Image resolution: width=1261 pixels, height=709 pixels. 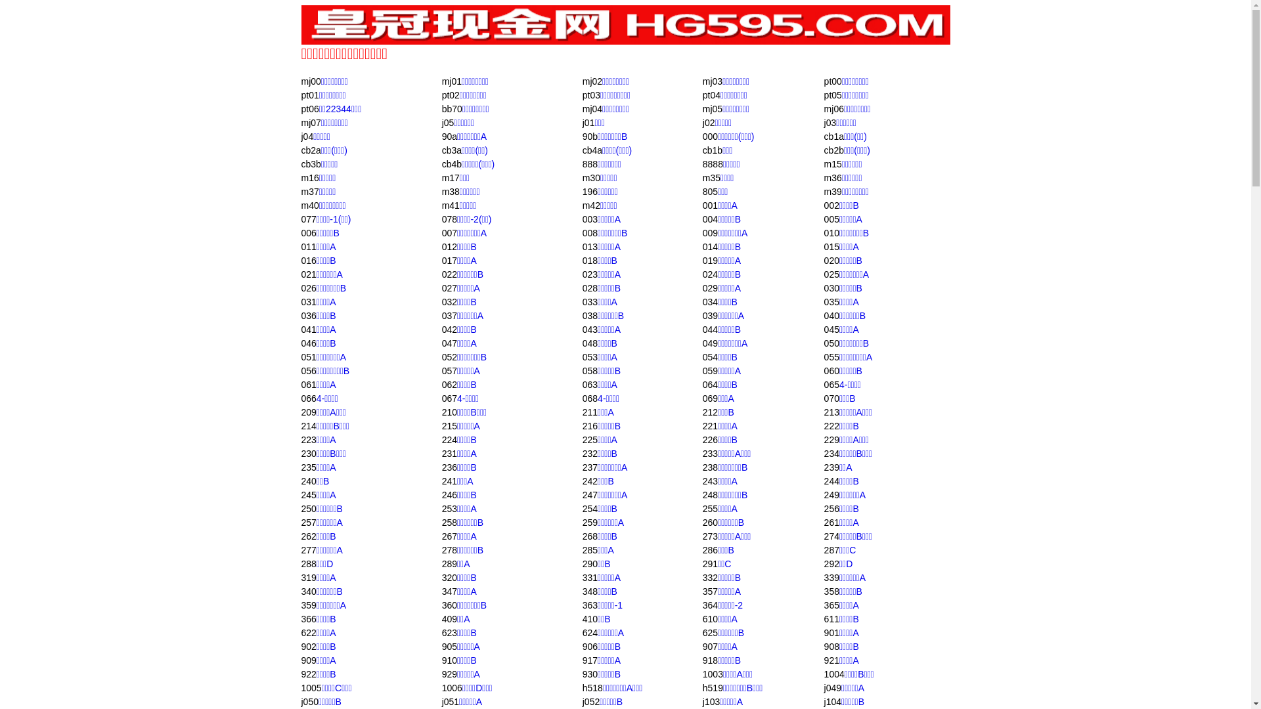 I want to click on 'j050', so click(x=308, y=700).